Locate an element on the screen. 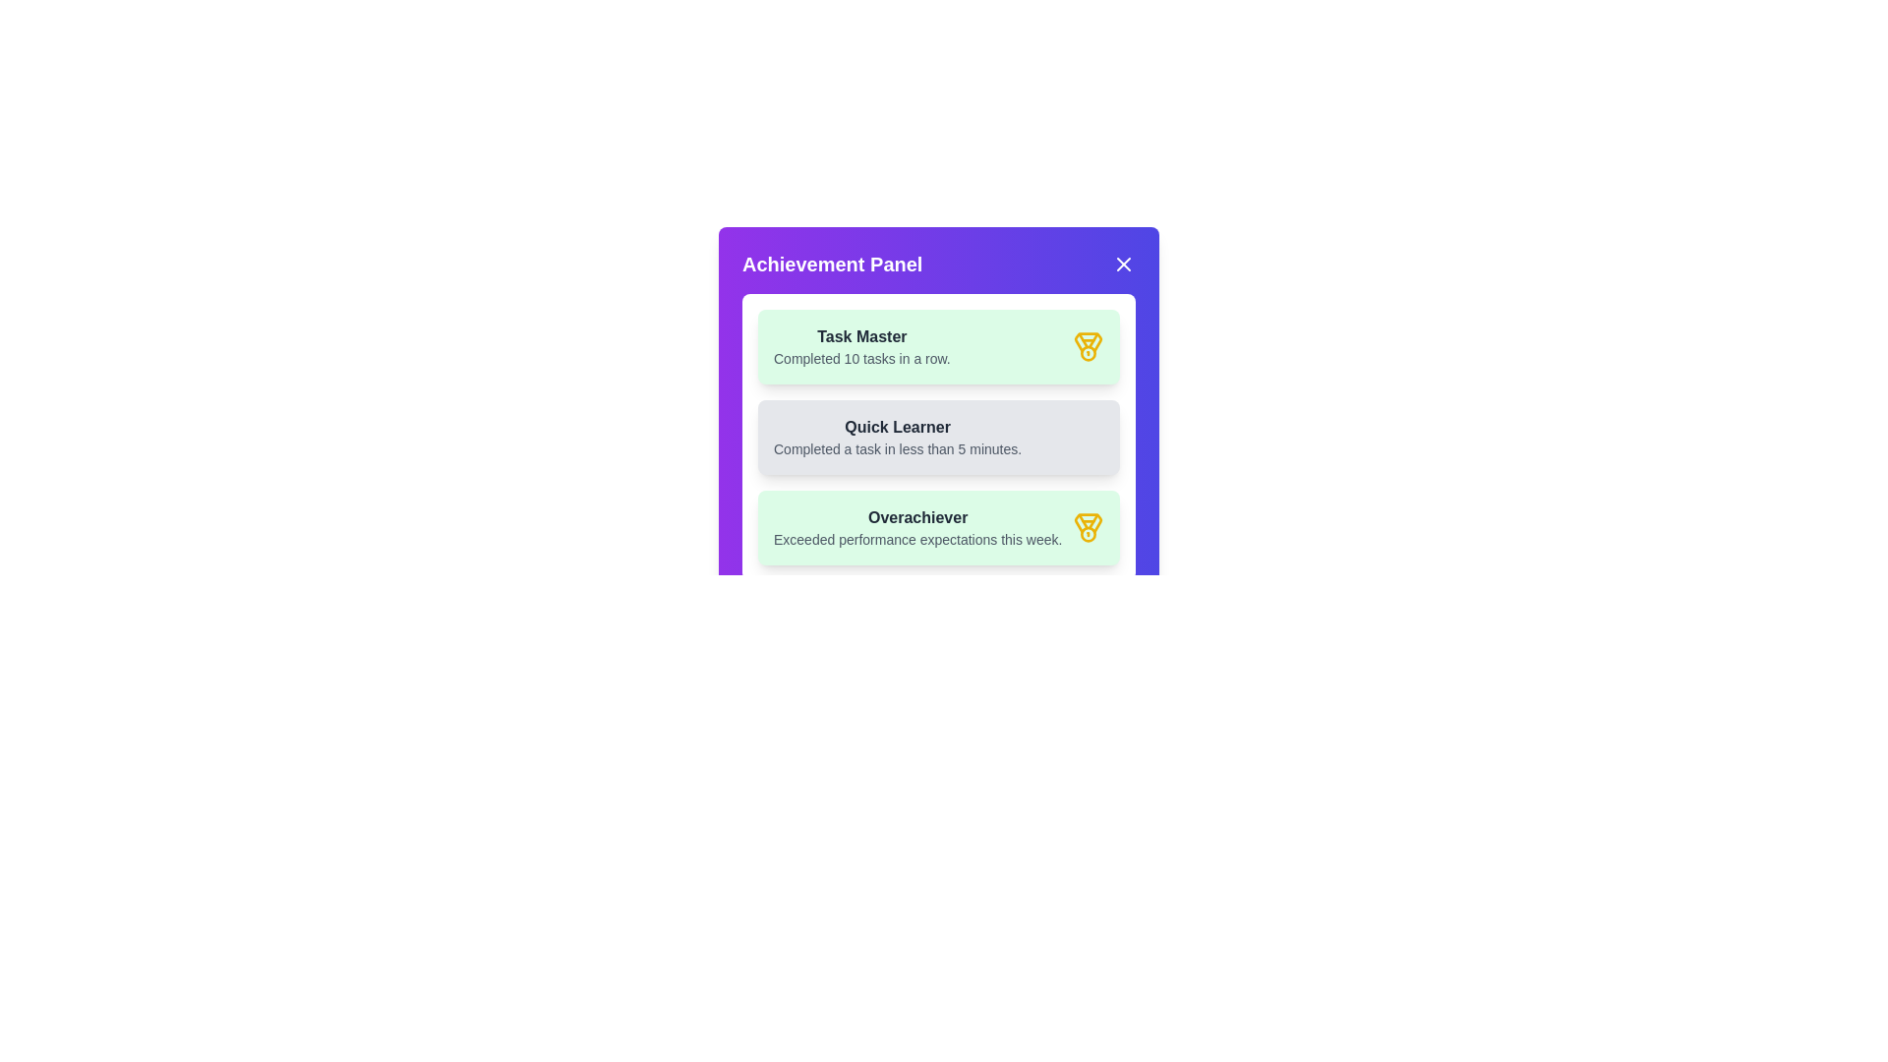  the text label that serves as the title of the achievement section, positioned above the subtitle 'Completed 10 tasks in a row.' and to the left of a gold trophy-shaped icon is located at coordinates (861, 336).